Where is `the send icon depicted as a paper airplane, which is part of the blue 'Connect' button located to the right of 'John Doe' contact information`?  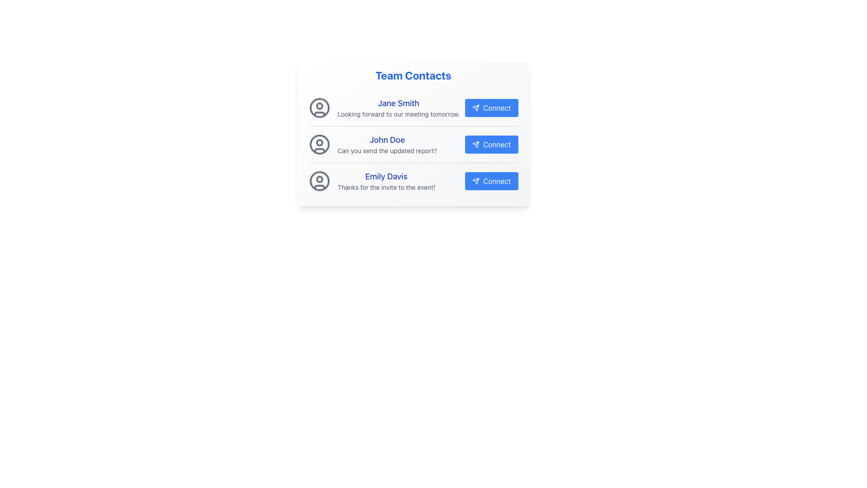
the send icon depicted as a paper airplane, which is part of the blue 'Connect' button located to the right of 'John Doe' contact information is located at coordinates (475, 144).